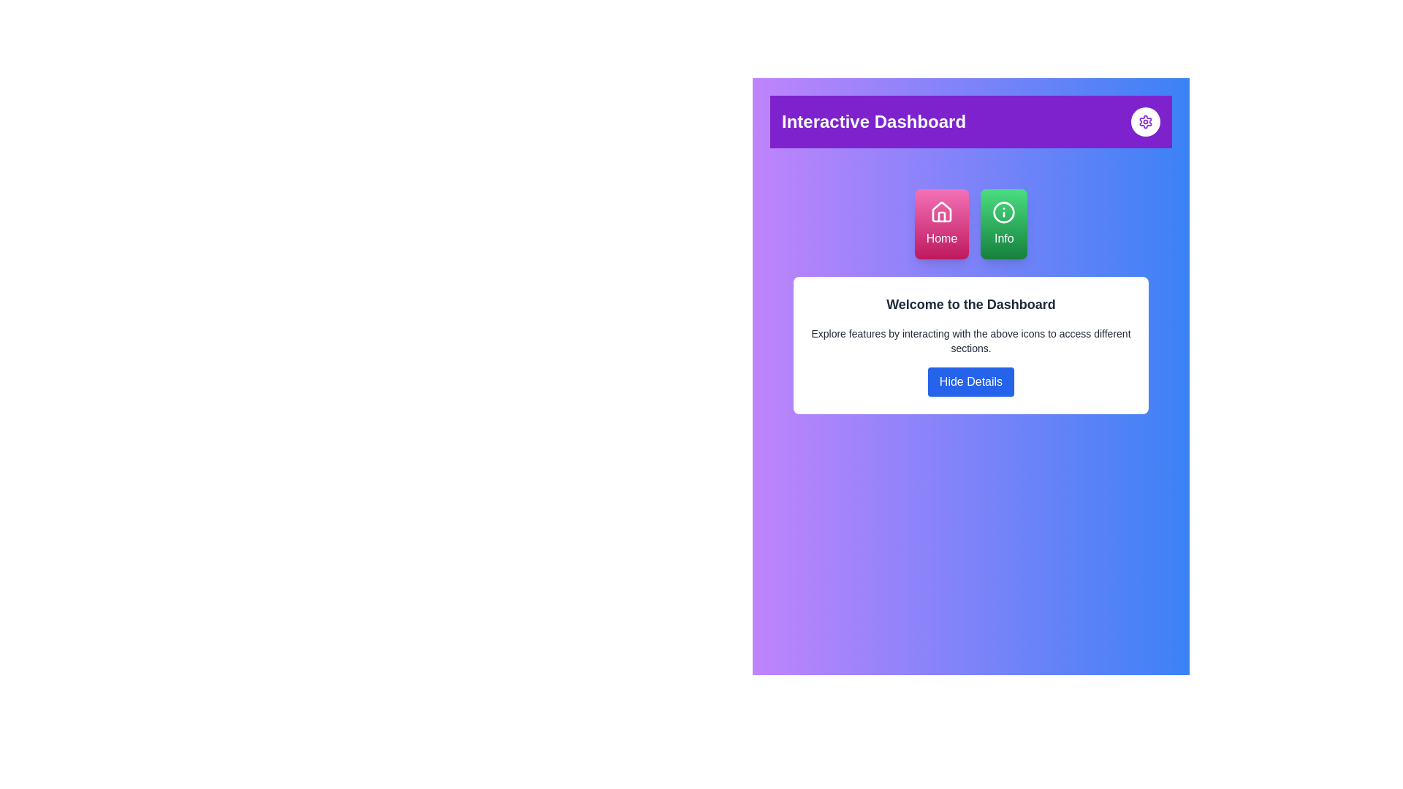 This screenshot has height=789, width=1403. What do you see at coordinates (873, 121) in the screenshot?
I see `the 'Interactive Dashboard' text label, which is a bold 2xl white text on a purple background, located in the top header section and aligned to the left of the settings icon` at bounding box center [873, 121].